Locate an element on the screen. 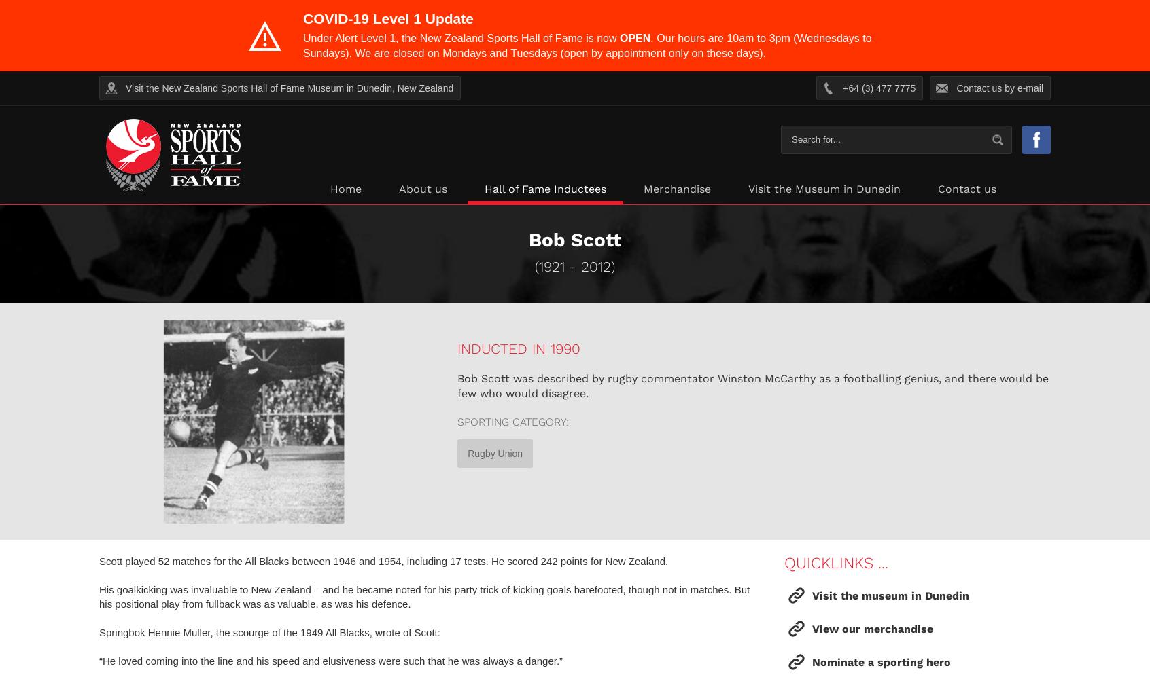  'Sporting Category:' is located at coordinates (512, 421).